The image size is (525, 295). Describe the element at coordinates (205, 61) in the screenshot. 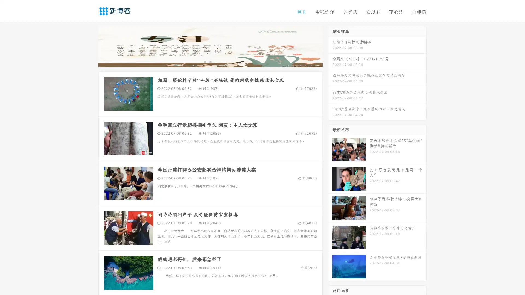

I see `Go to slide 1` at that location.